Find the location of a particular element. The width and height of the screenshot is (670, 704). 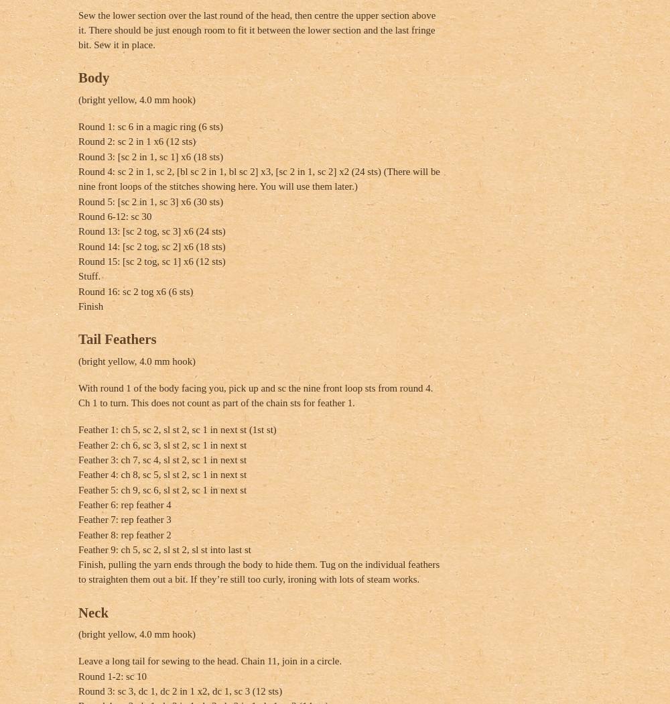

'Feather 9: ch 5, sc 2, sl st 2, sl st into last st' is located at coordinates (163, 548).